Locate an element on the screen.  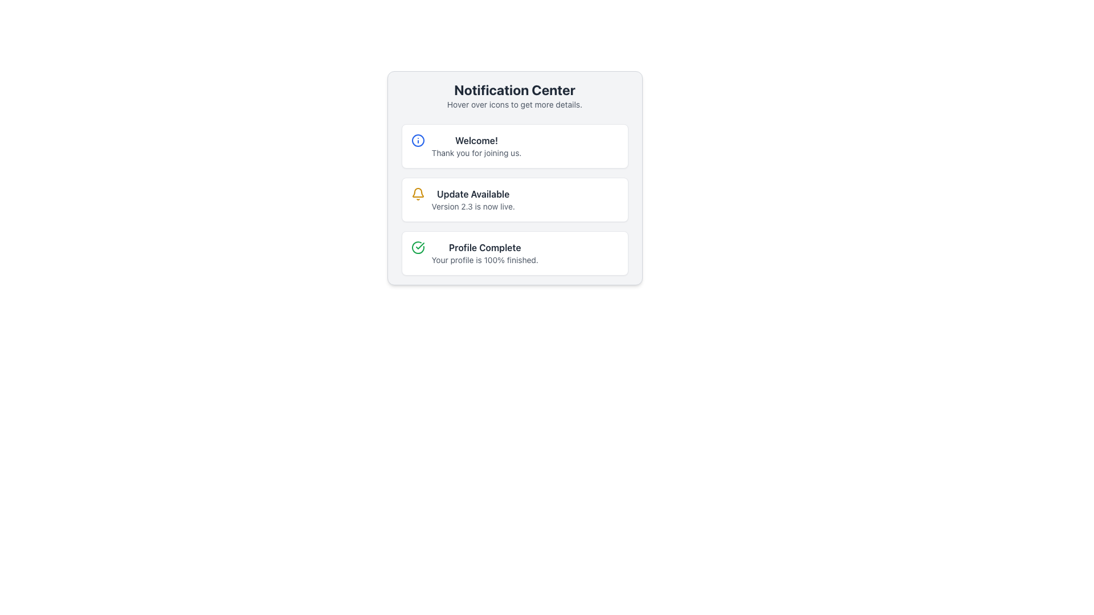
the instructional text below the 'Notification Center' heading, which is rendered in gray color and smaller font size is located at coordinates (514, 105).